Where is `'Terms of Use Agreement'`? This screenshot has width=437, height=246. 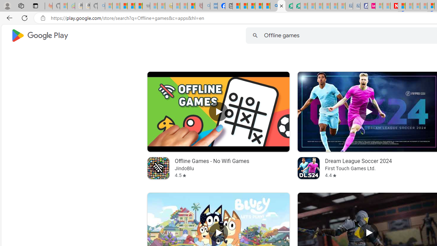
'Terms of Use Agreement' is located at coordinates (289, 6).